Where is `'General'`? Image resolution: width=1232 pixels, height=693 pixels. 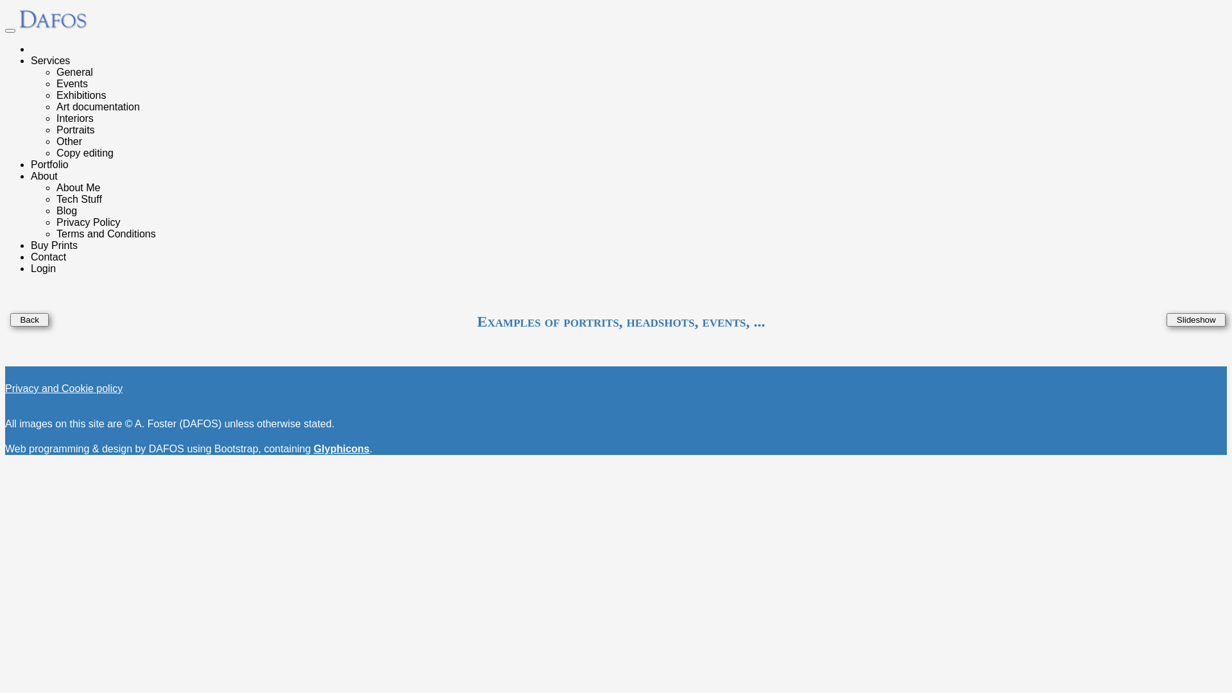
'General' is located at coordinates (55, 72).